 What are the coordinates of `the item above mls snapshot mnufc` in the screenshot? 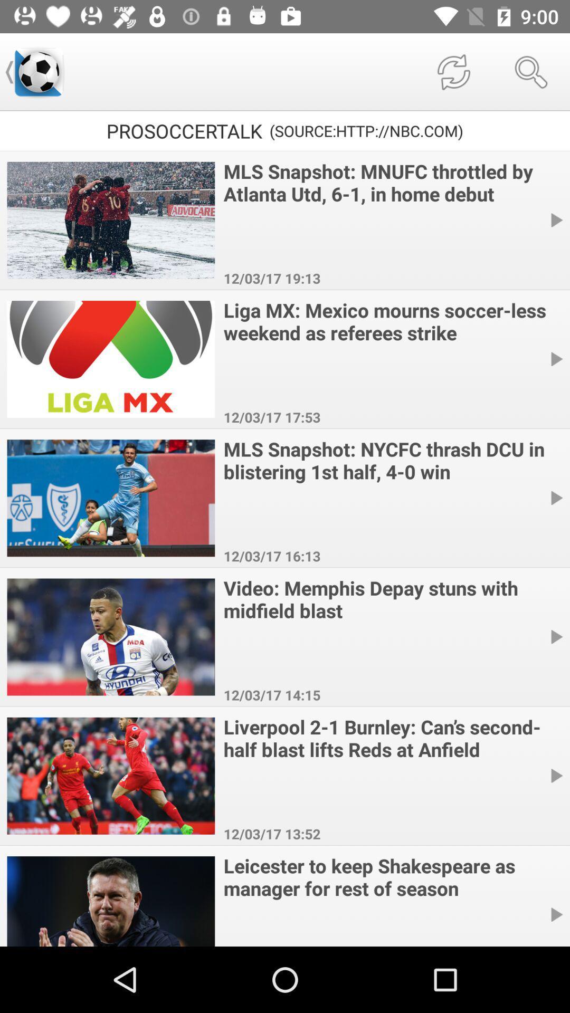 It's located at (531, 71).